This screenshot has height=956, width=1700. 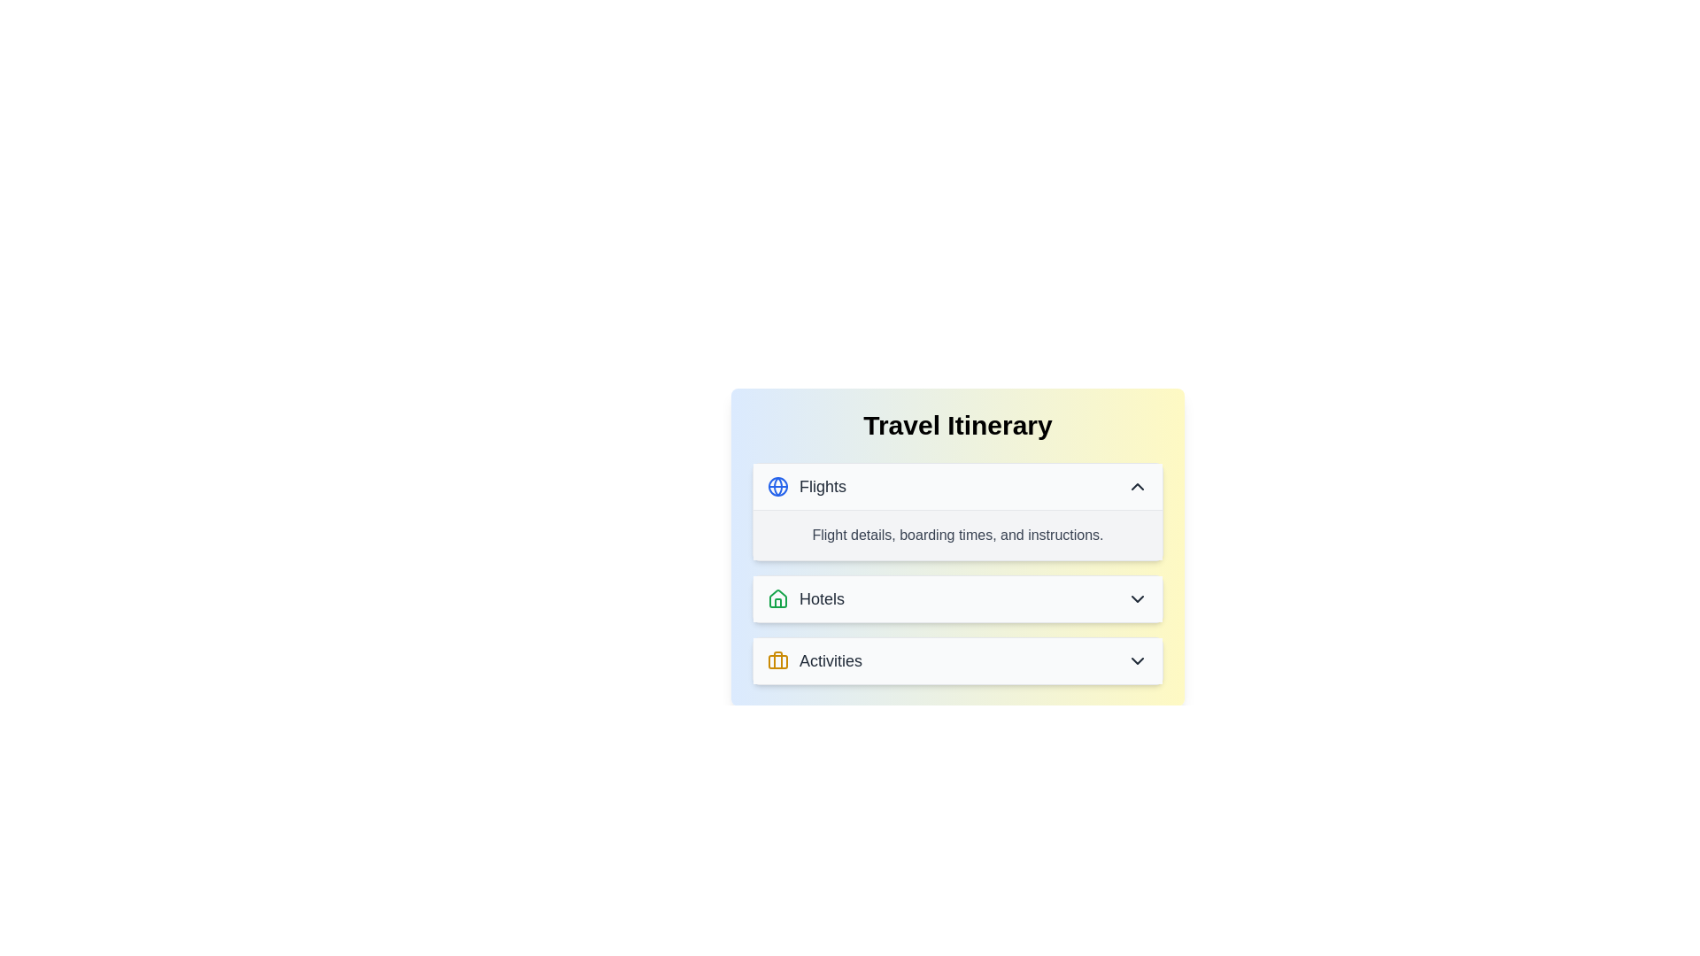 What do you see at coordinates (777, 487) in the screenshot?
I see `the circular graphic/icon element with a blue stroke located inside the globe icon to the left of the 'Flights' label in the 'Travel Itinerary' section` at bounding box center [777, 487].